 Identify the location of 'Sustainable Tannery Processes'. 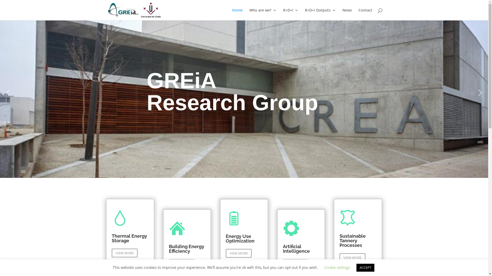
(352, 240).